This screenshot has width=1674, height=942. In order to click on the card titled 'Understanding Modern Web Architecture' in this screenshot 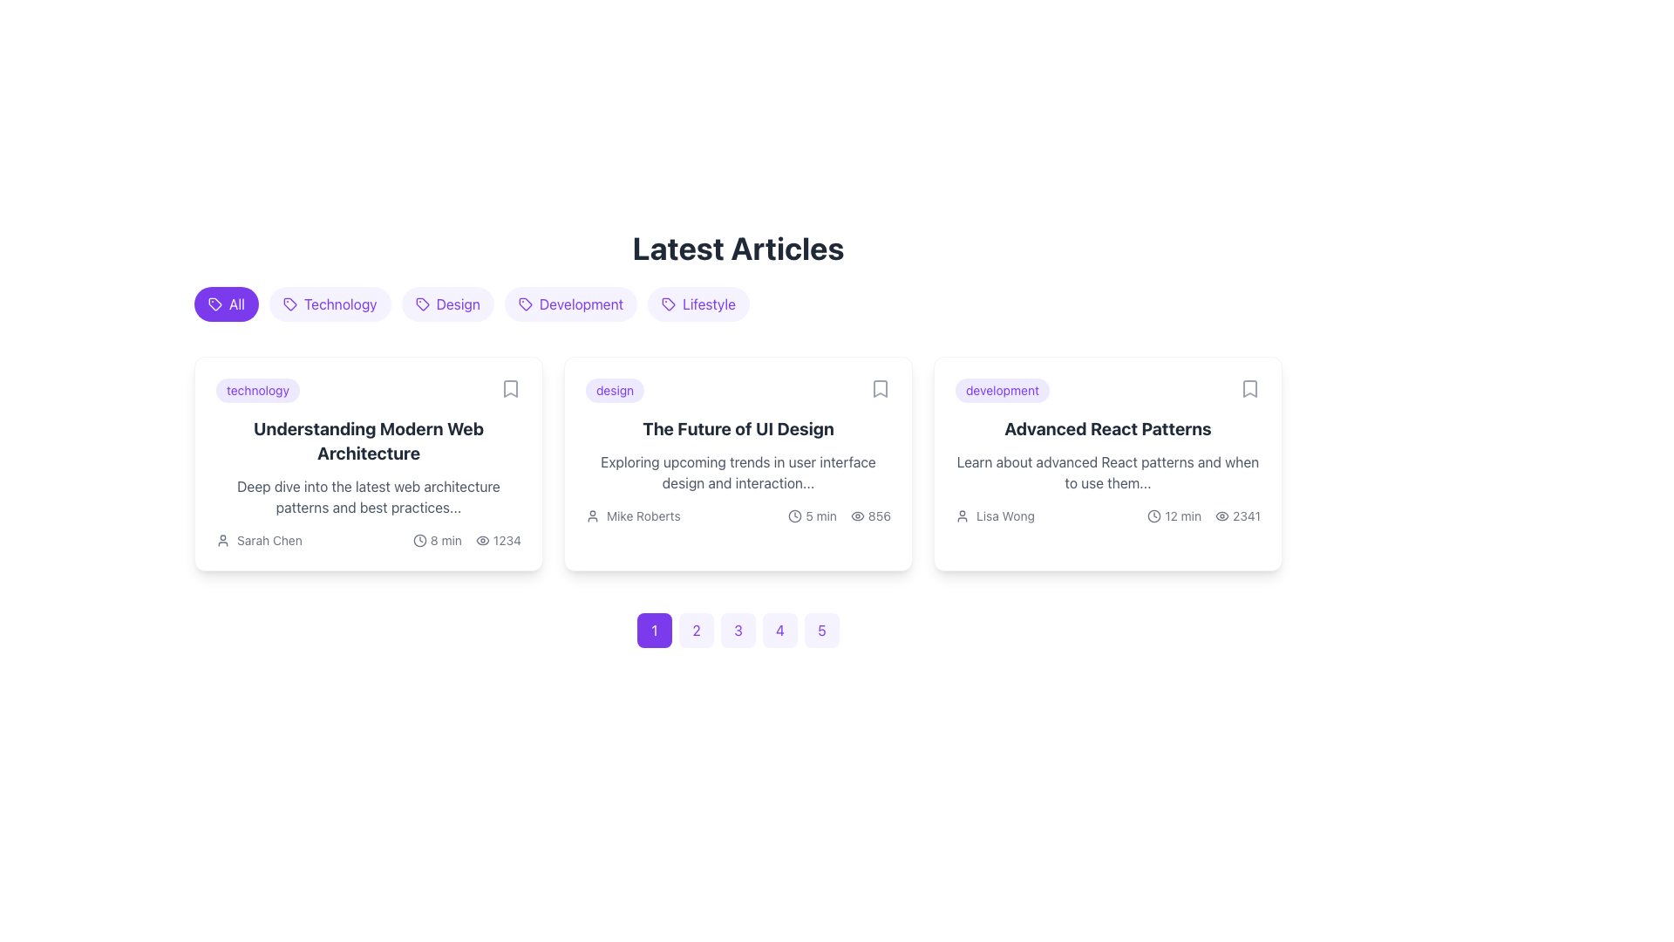, I will do `click(367, 463)`.